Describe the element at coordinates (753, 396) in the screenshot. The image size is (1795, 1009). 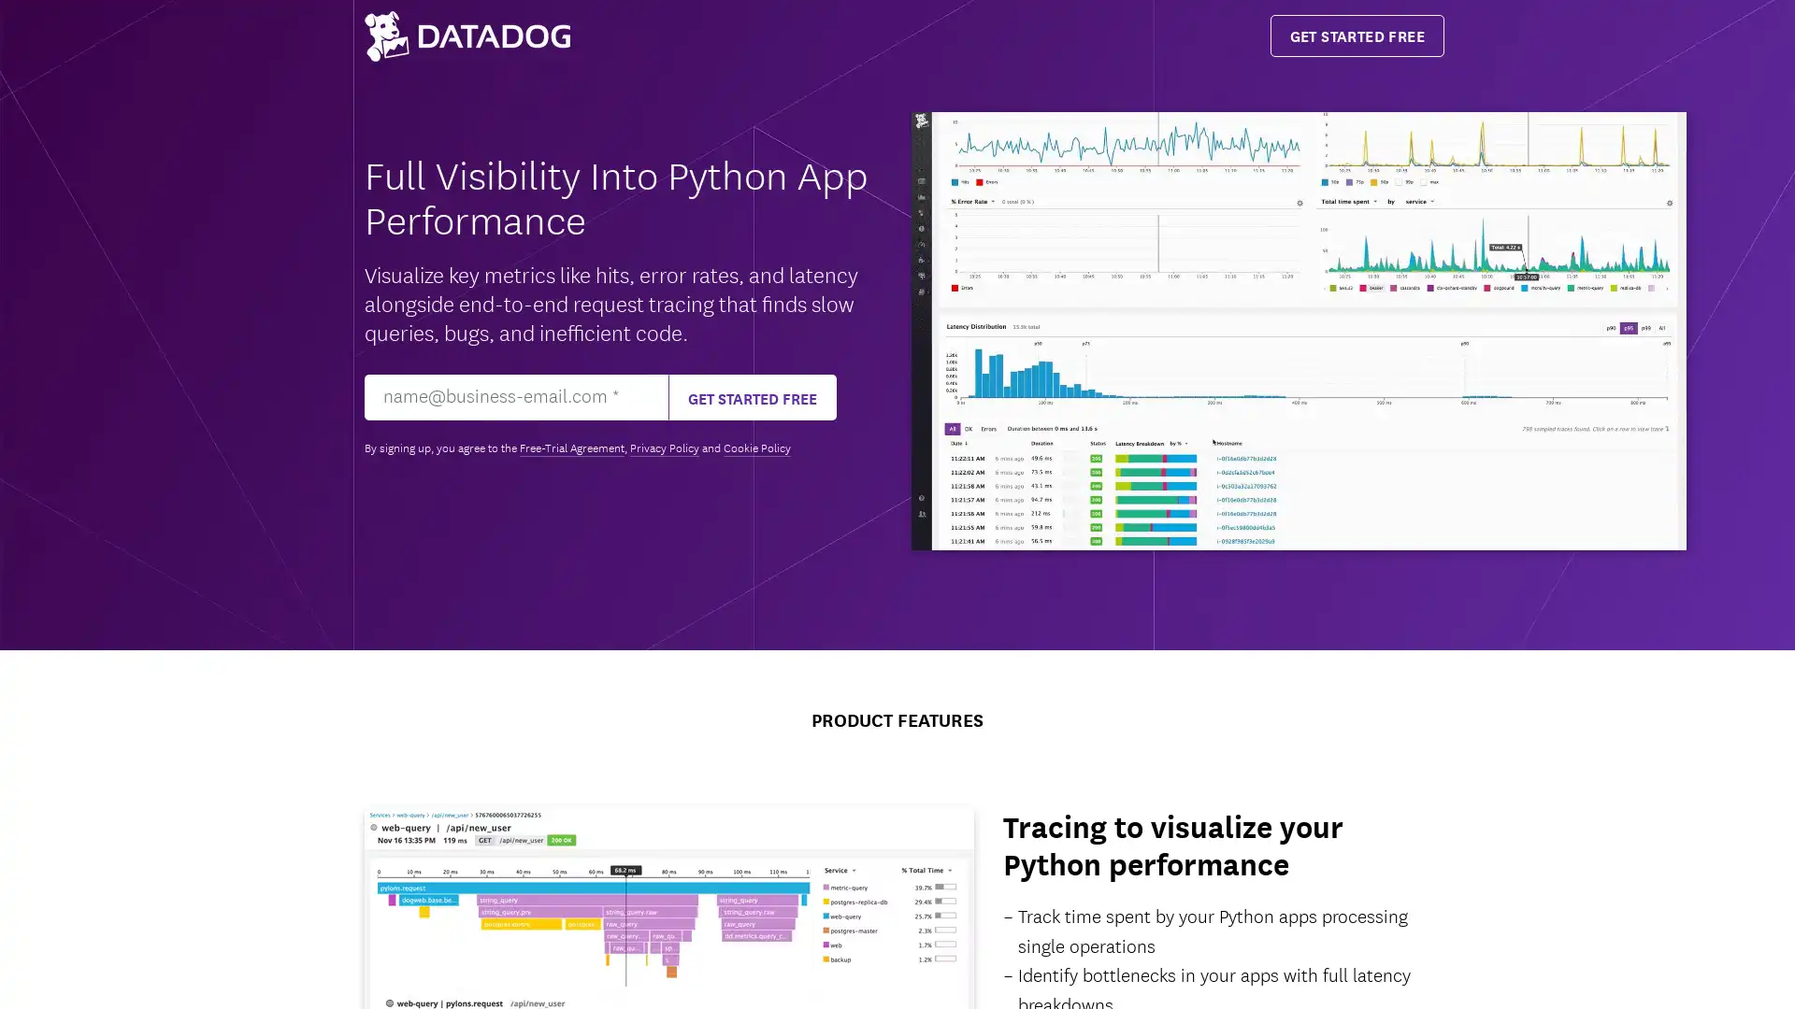
I see `GET STARTED FREE` at that location.